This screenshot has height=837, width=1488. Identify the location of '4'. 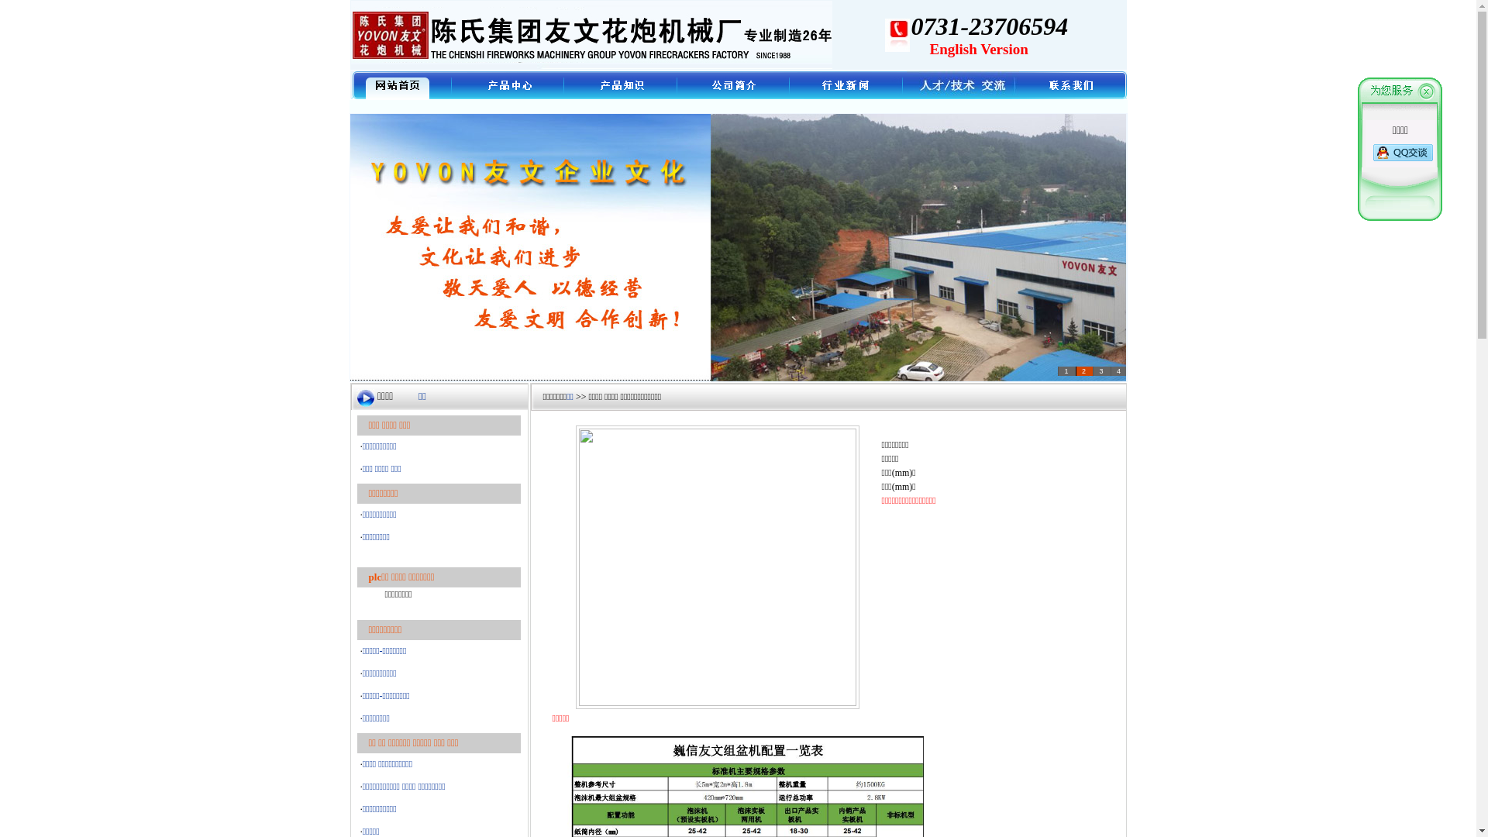
(1118, 370).